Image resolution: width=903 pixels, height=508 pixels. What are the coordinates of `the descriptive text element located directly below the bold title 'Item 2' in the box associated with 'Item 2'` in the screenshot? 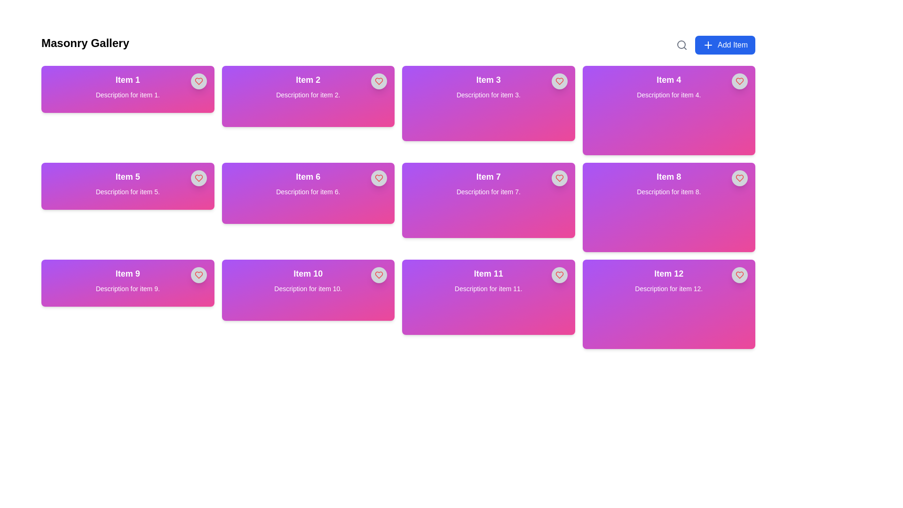 It's located at (308, 95).